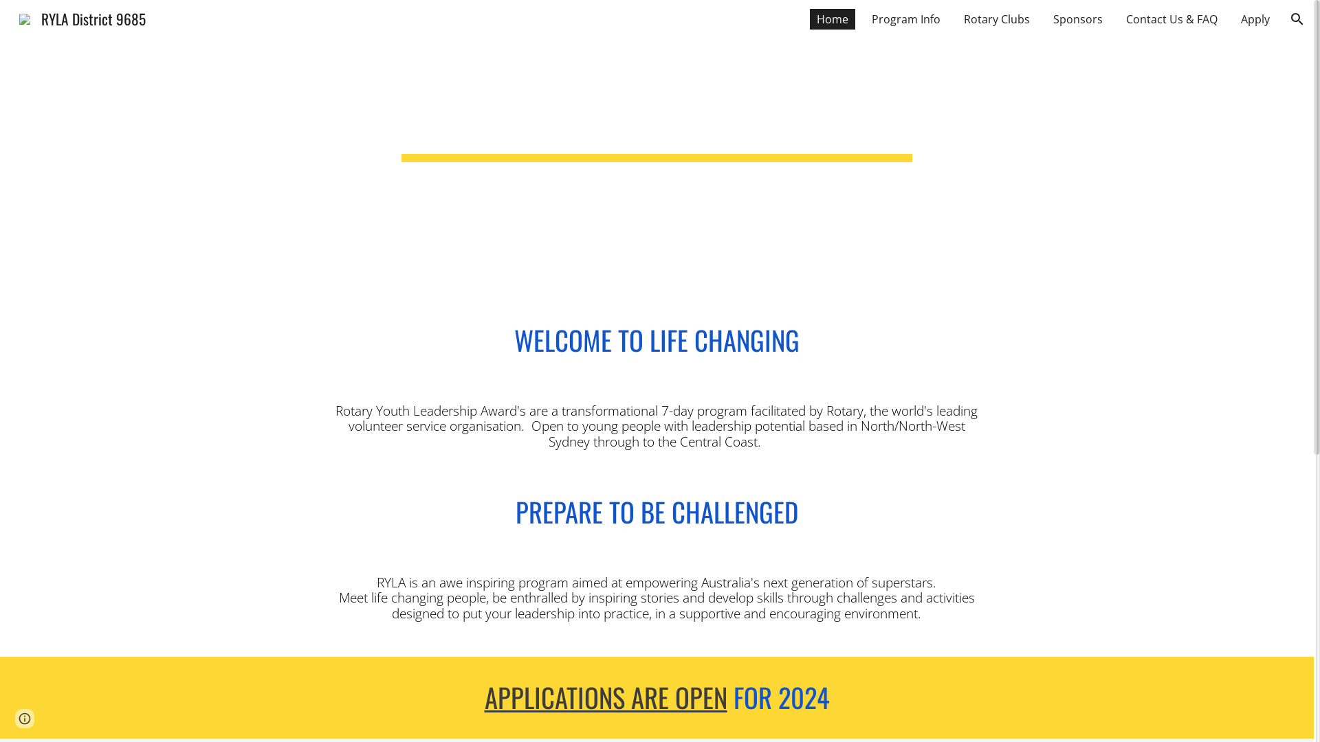 This screenshot has height=742, width=1320. I want to click on 'Apply', so click(1255, 19).